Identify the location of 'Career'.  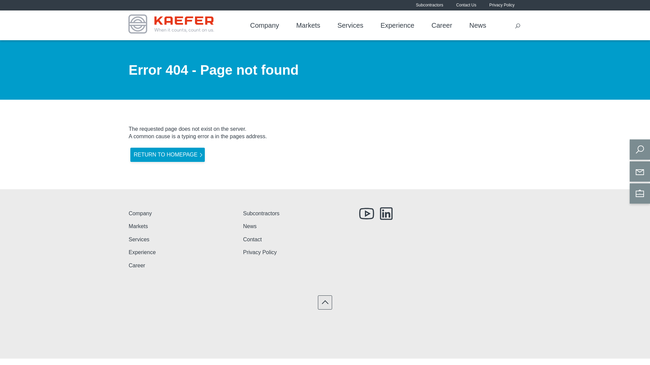
(136, 265).